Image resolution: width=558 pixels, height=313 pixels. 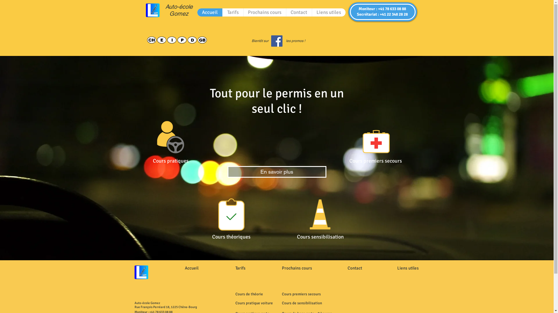 What do you see at coordinates (240, 268) in the screenshot?
I see `'Tarifs'` at bounding box center [240, 268].